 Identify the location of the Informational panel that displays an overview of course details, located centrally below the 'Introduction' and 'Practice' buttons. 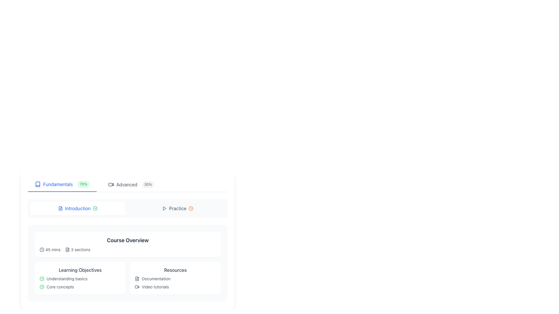
(127, 235).